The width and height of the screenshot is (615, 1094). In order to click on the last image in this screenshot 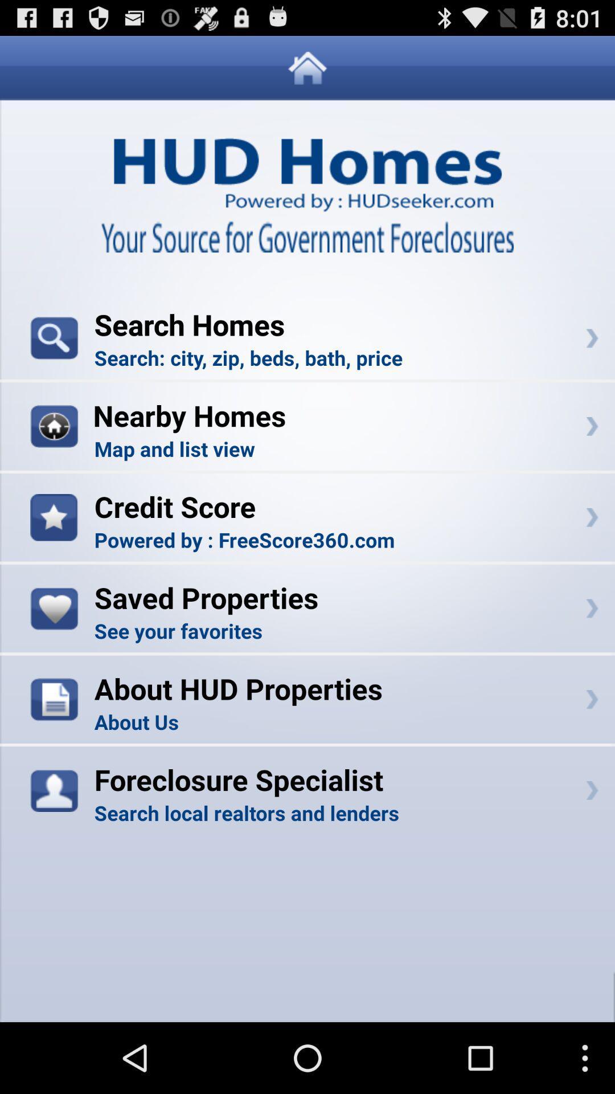, I will do `click(54, 790)`.